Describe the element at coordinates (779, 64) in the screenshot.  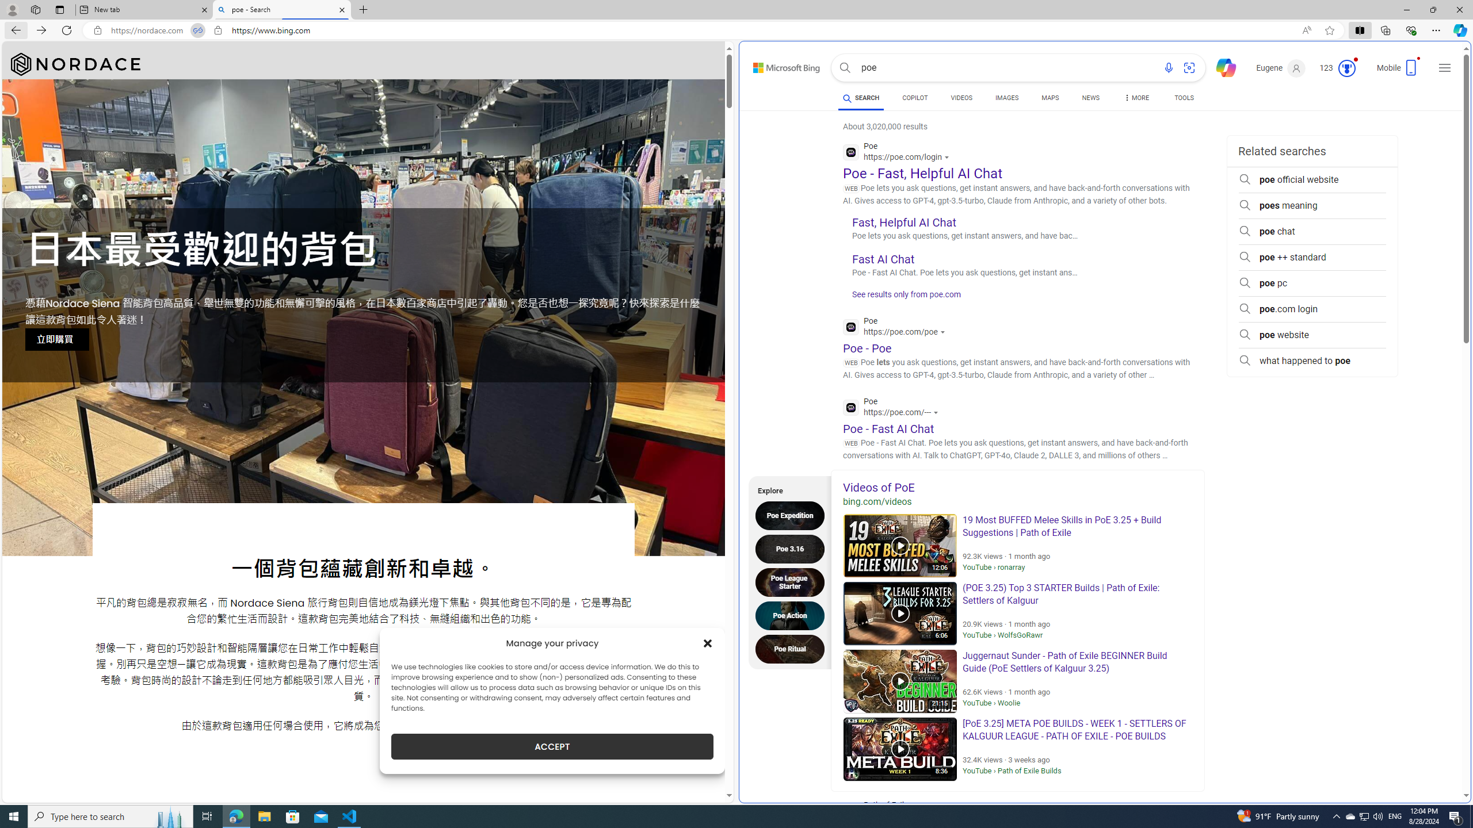
I see `'Back to Bing search'` at that location.